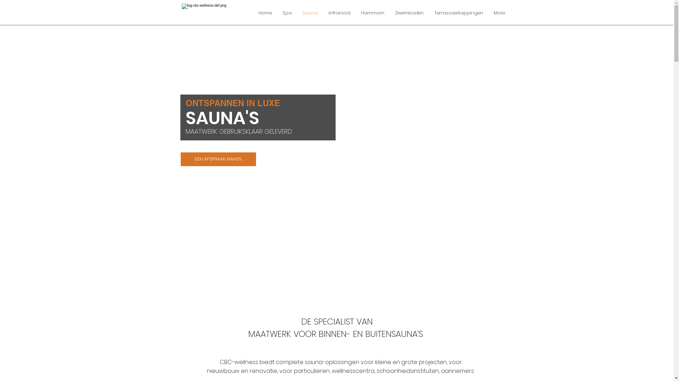  Describe the element at coordinates (265, 13) in the screenshot. I see `'Home'` at that location.